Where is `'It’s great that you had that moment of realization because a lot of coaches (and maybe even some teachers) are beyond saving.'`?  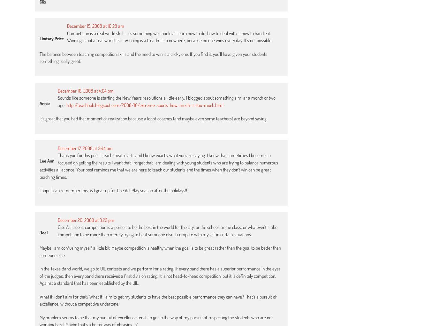
'It’s great that you had that moment of realization because a lot of coaches (and maybe even some teachers) are beyond saving.' is located at coordinates (153, 118).